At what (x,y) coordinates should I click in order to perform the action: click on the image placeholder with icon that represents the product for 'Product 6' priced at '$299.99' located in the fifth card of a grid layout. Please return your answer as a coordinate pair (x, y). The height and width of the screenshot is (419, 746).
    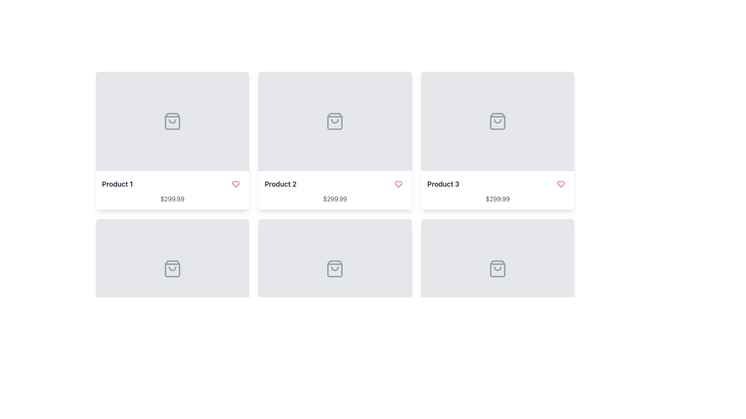
    Looking at the image, I should click on (498, 268).